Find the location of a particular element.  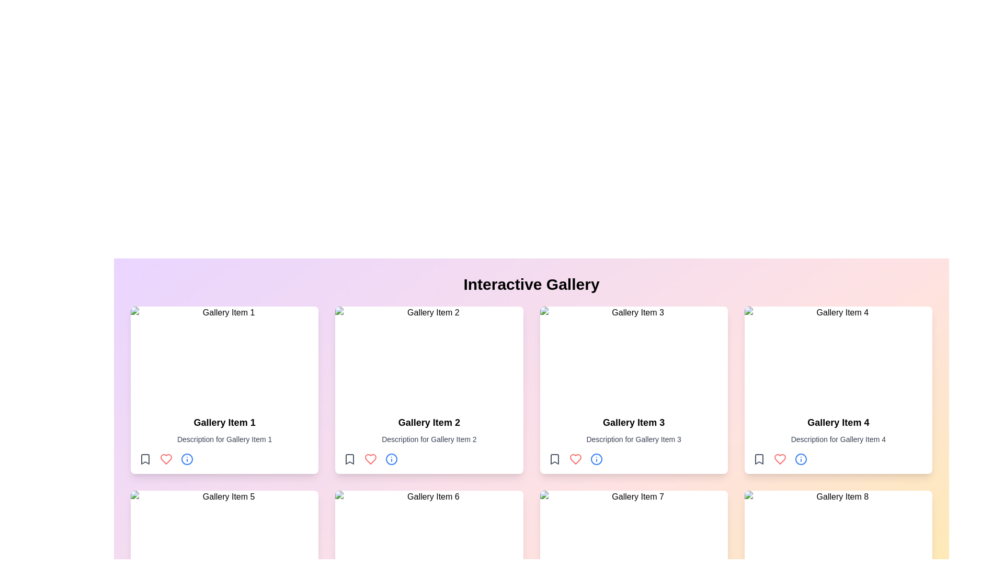

the descriptive text label associated with 'Gallery Item 1', located directly under the bold title within the first gallery card in the top-left corner is located at coordinates (224, 439).